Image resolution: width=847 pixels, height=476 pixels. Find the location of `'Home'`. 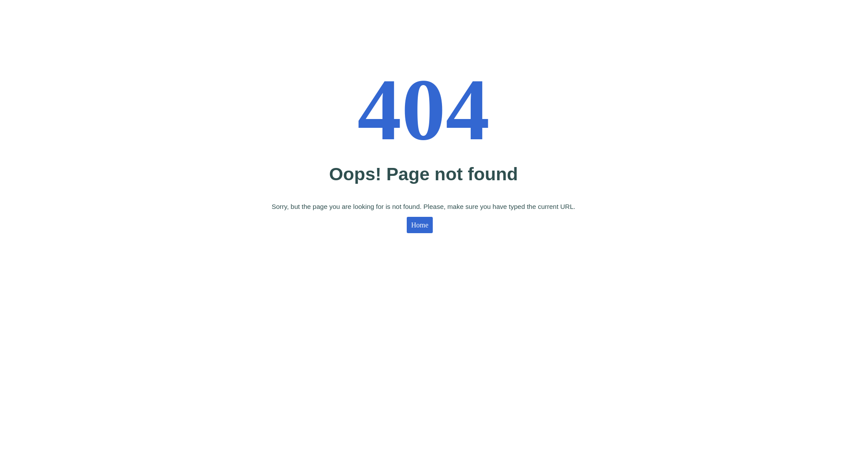

'Home' is located at coordinates (419, 224).